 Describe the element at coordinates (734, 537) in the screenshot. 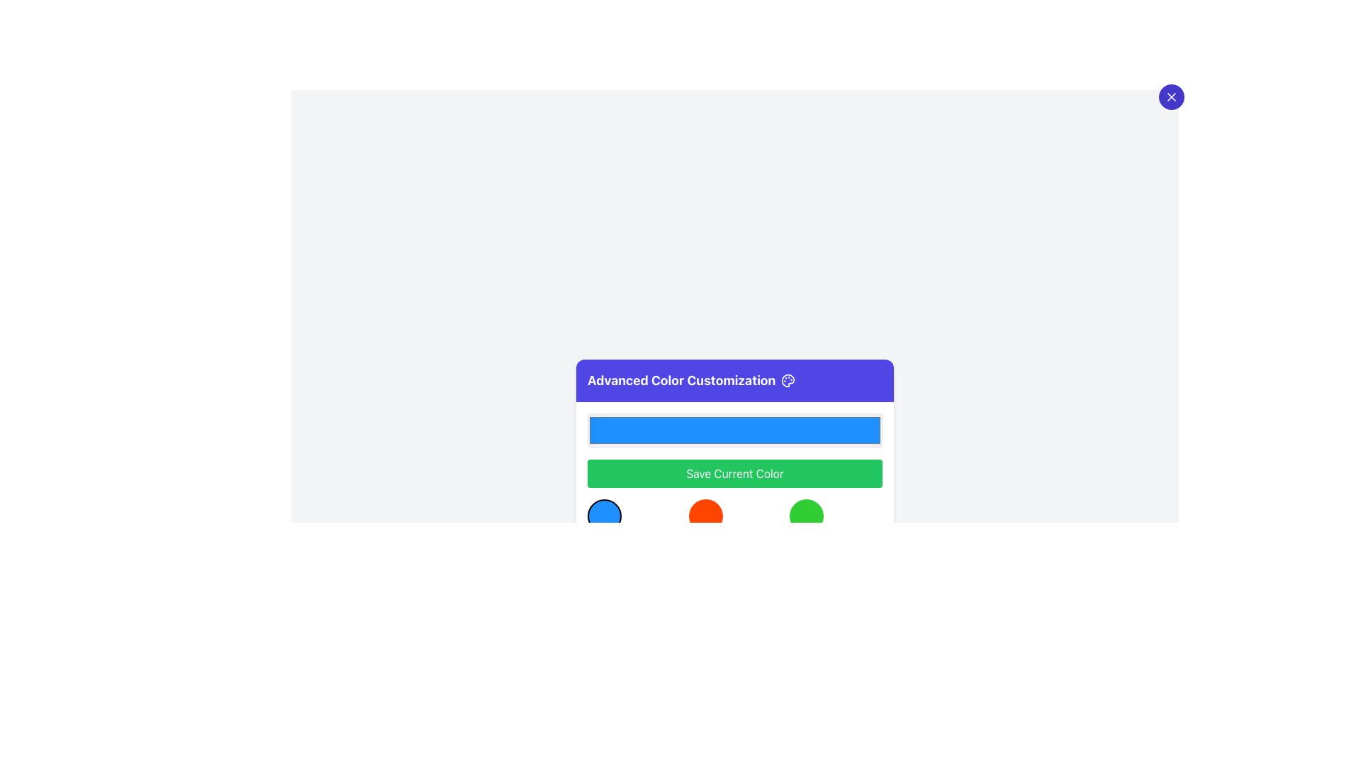

I see `the horizontal grid layout containing four circular elements (blue, red, green, yellow) positioned below the 'Save Current Color' button` at that location.